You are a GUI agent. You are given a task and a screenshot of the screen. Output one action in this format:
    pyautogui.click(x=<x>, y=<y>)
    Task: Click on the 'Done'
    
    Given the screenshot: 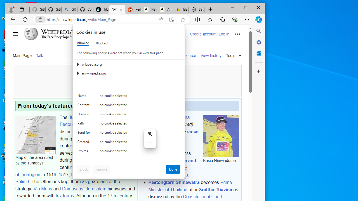 What is the action you would take?
    pyautogui.click(x=173, y=169)
    